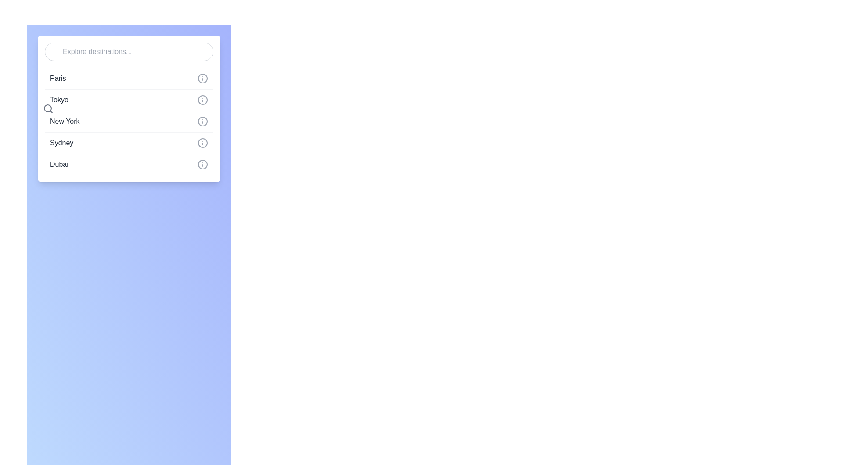 Image resolution: width=843 pixels, height=474 pixels. I want to click on the icon at the right end of the 'Paris' entry in the list, so click(202, 78).